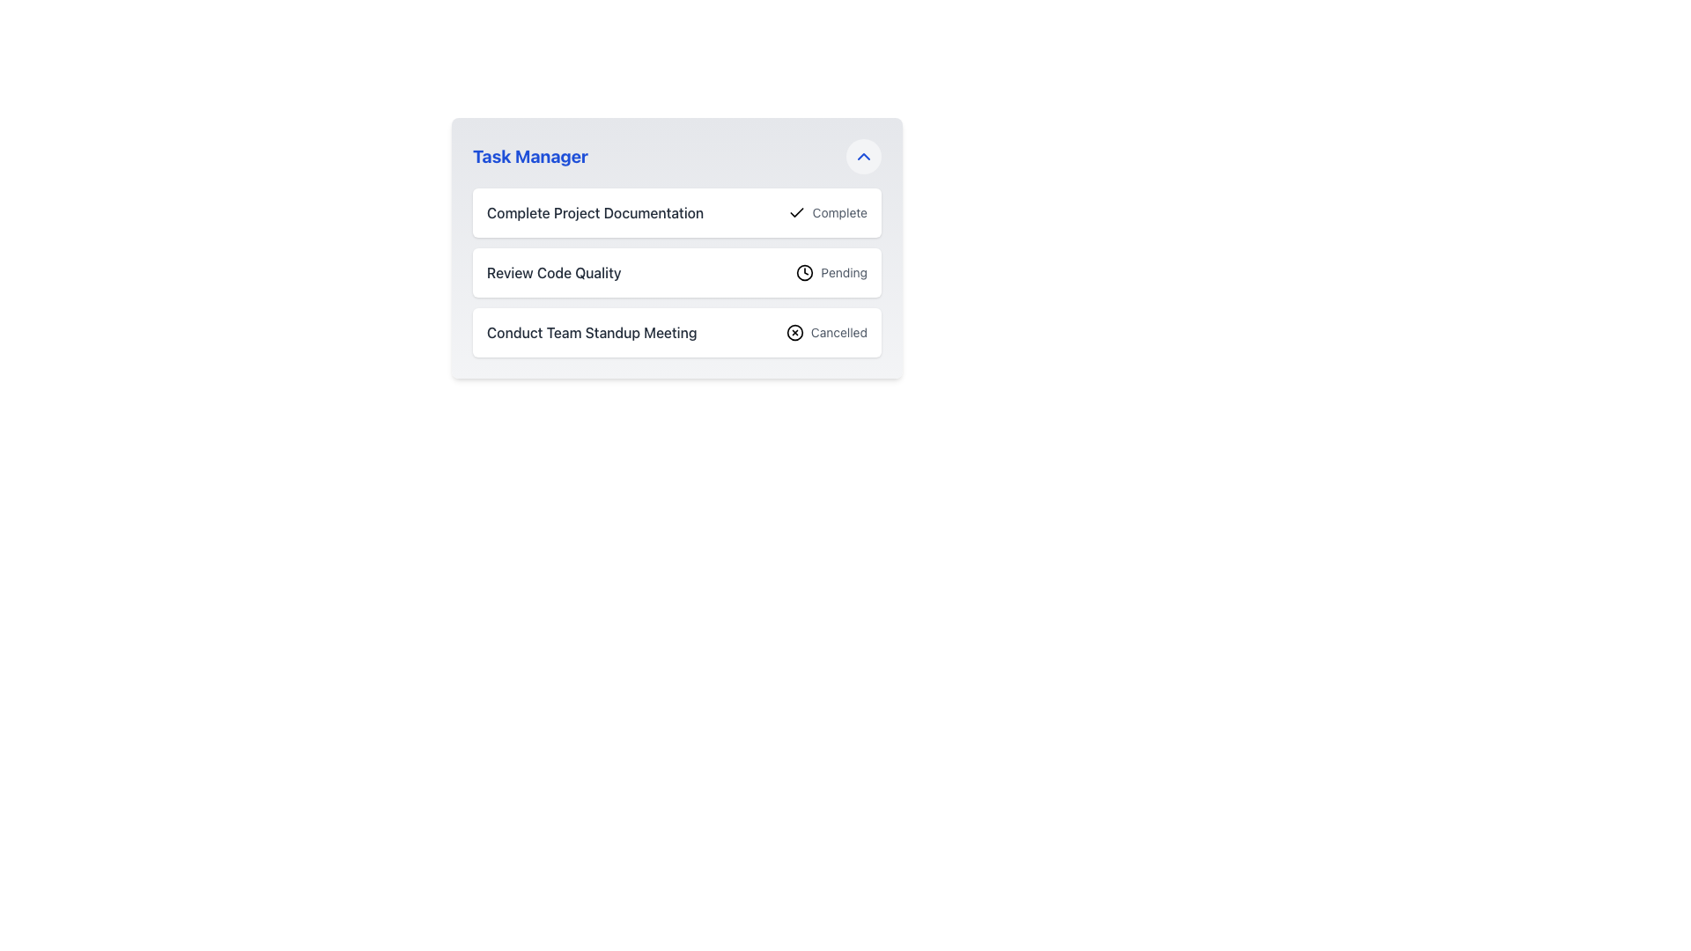 The height and width of the screenshot is (951, 1691). Describe the element at coordinates (676, 247) in the screenshot. I see `the second task item in the task manager list, which represents a pending task between 'Complete Project Documentation' and 'Conduct Team Standup Meeting'` at that location.